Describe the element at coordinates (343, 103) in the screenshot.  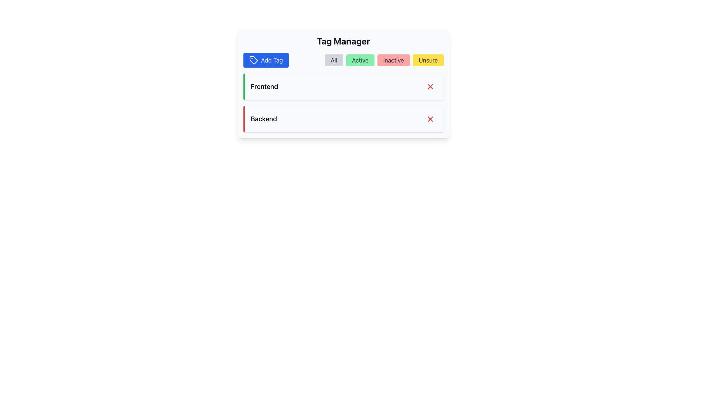
I see `the 'Vertical List' element in the 'Tag Manager' interface to focus on it` at that location.